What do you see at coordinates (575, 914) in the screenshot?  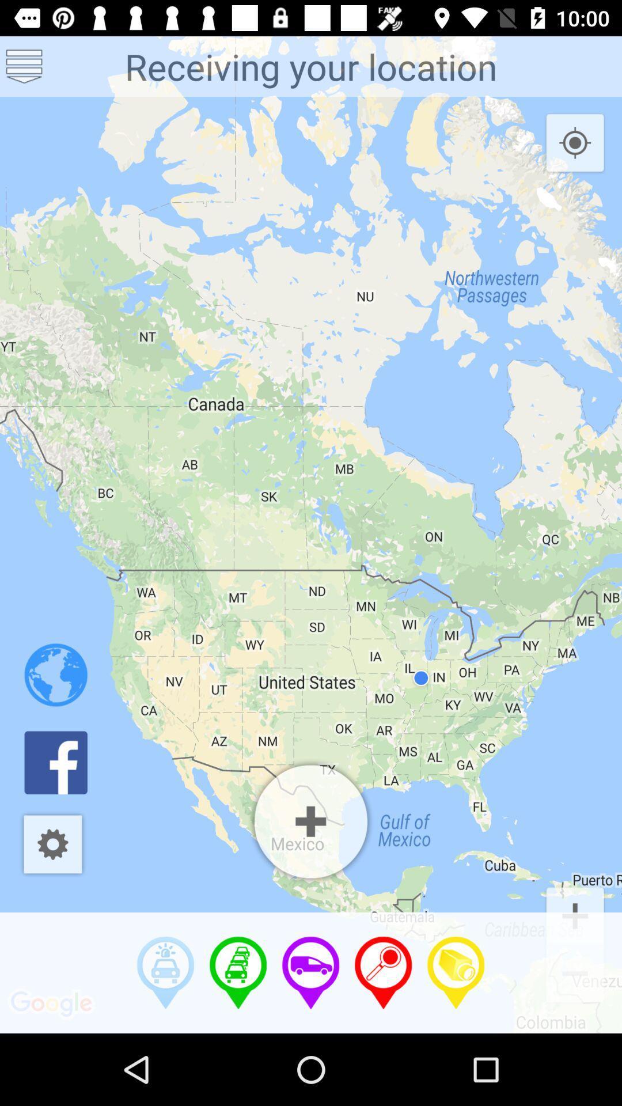 I see `the add icon` at bounding box center [575, 914].